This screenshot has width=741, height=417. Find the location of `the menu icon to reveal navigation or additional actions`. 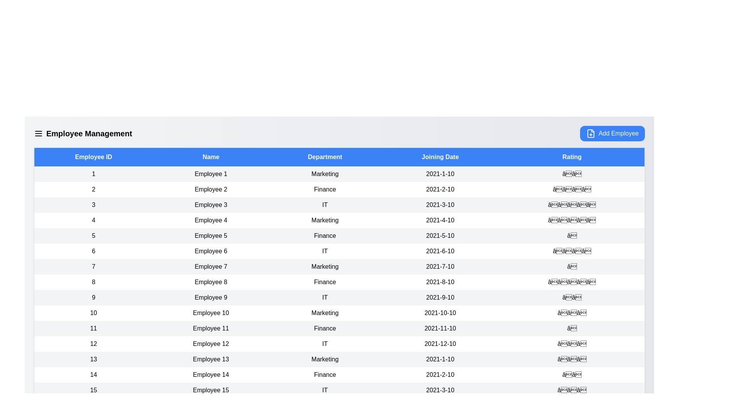

the menu icon to reveal navigation or additional actions is located at coordinates (38, 133).